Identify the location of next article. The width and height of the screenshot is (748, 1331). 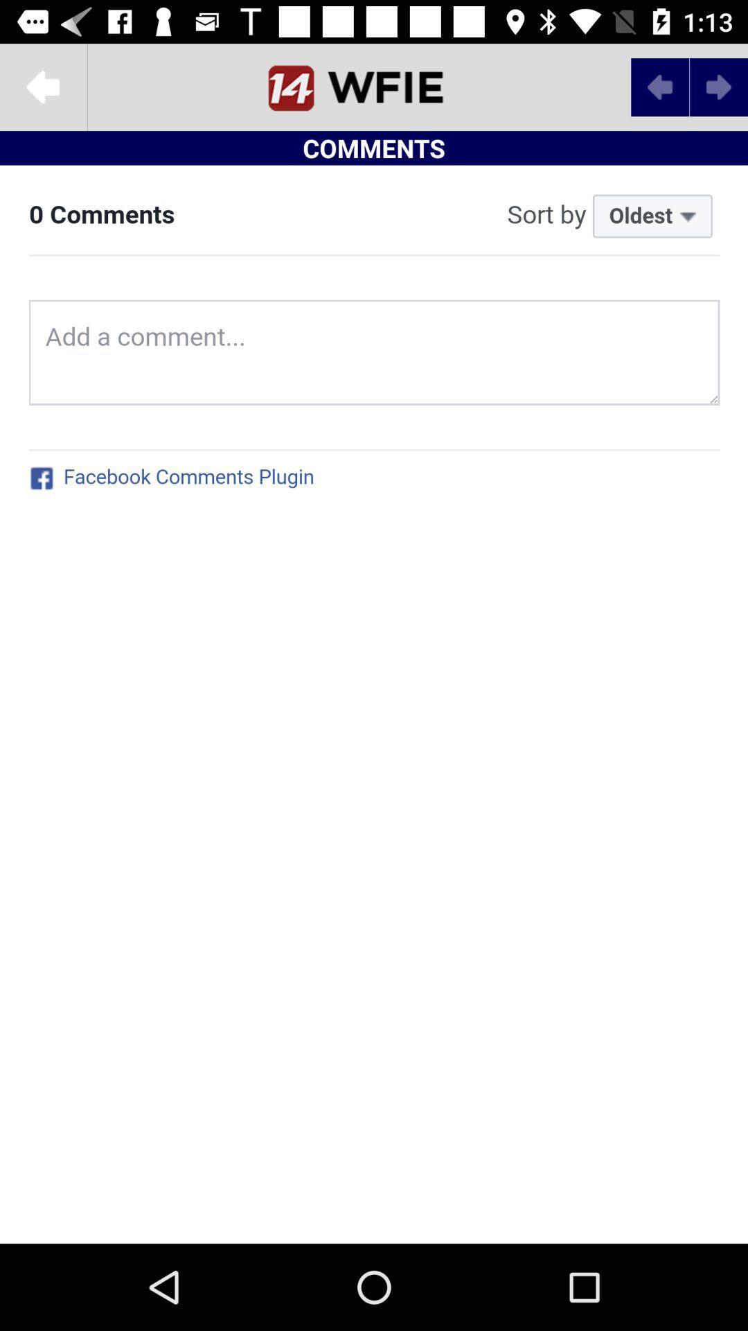
(718, 86).